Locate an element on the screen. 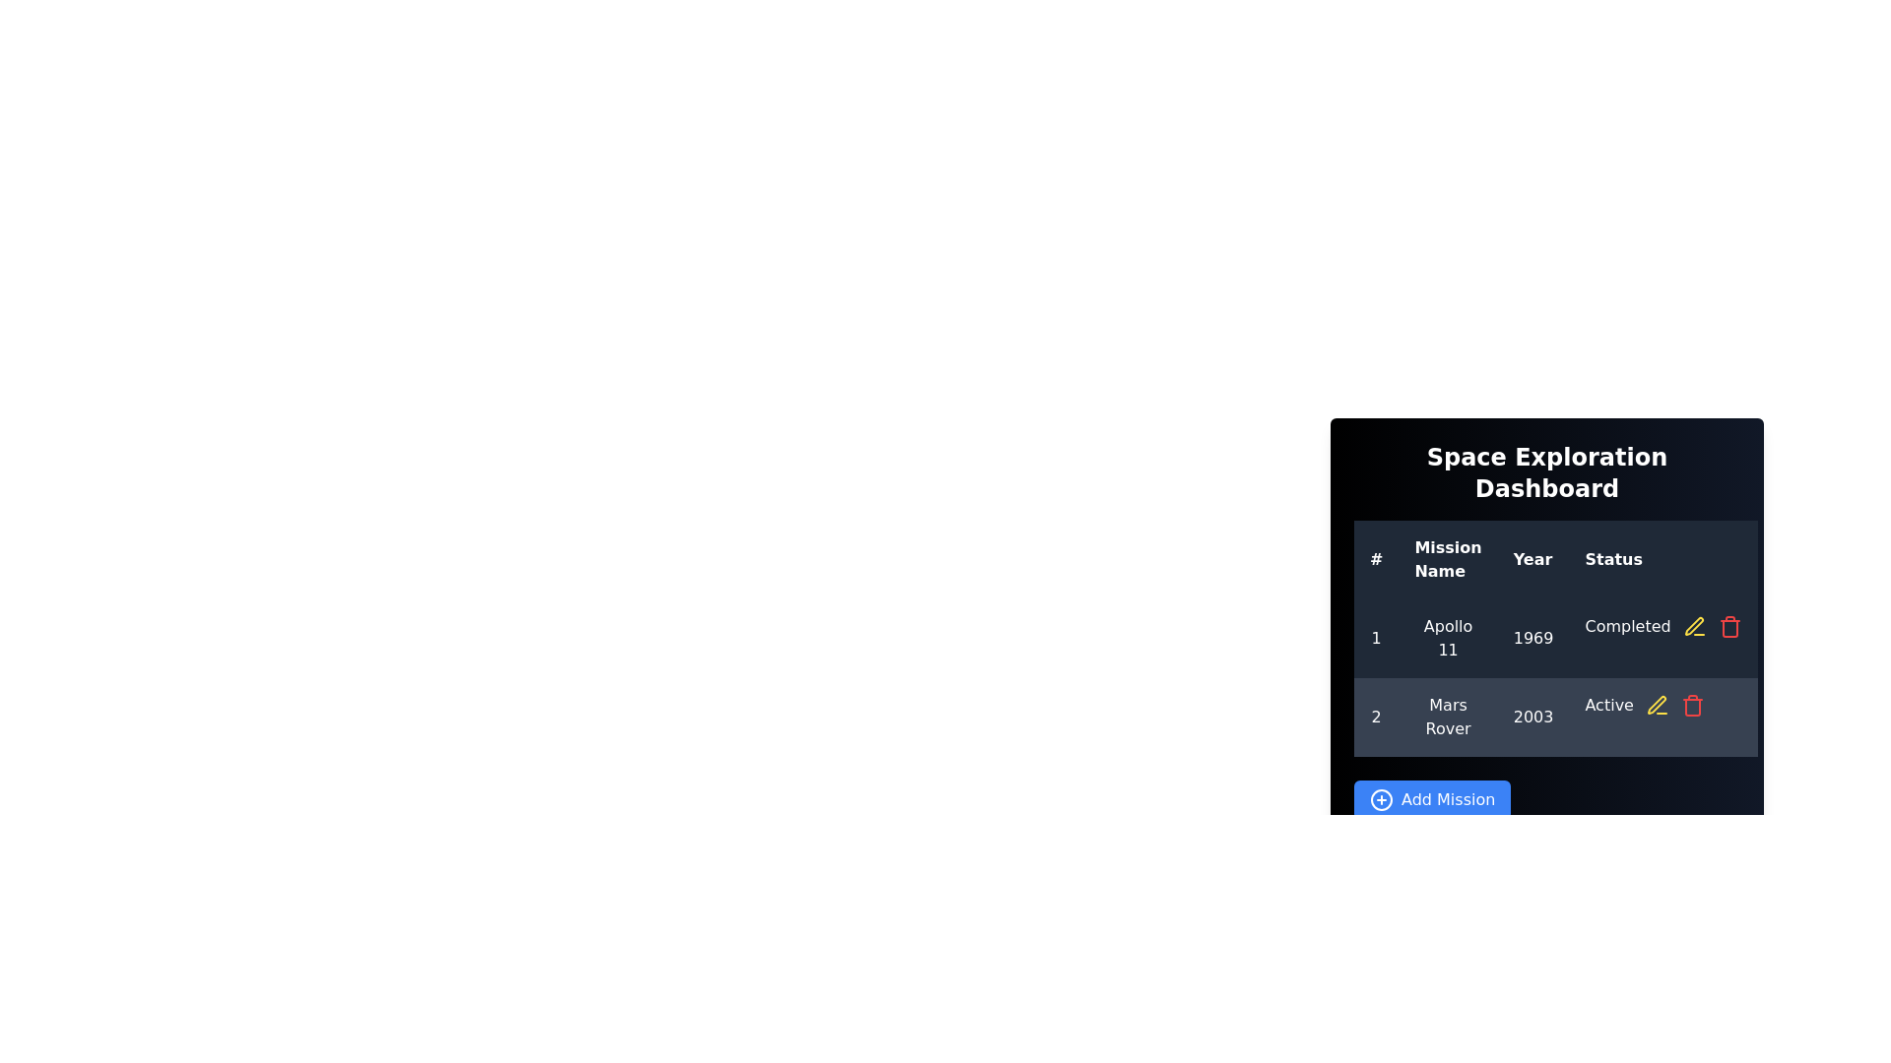 Image resolution: width=1891 pixels, height=1063 pixels. the text label displaying '2003' in the 'Year' column of the table for the 'Mars Rover' mission is located at coordinates (1532, 718).